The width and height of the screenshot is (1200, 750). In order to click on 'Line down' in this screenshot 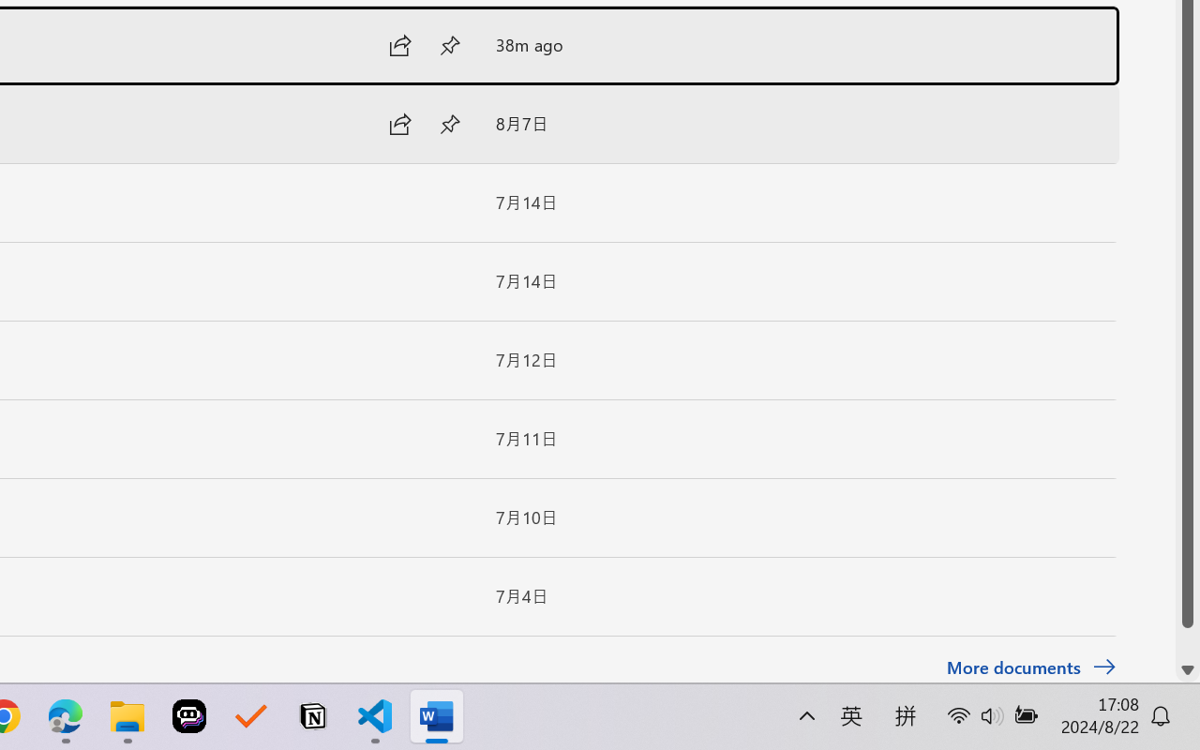, I will do `click(1187, 669)`.